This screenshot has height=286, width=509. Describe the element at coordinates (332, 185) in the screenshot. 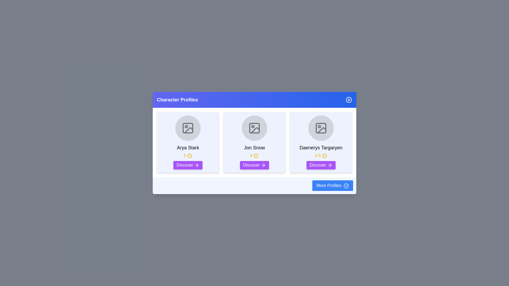

I see `the 'More Profiles' button located at the bottom-right of the dialog` at that location.